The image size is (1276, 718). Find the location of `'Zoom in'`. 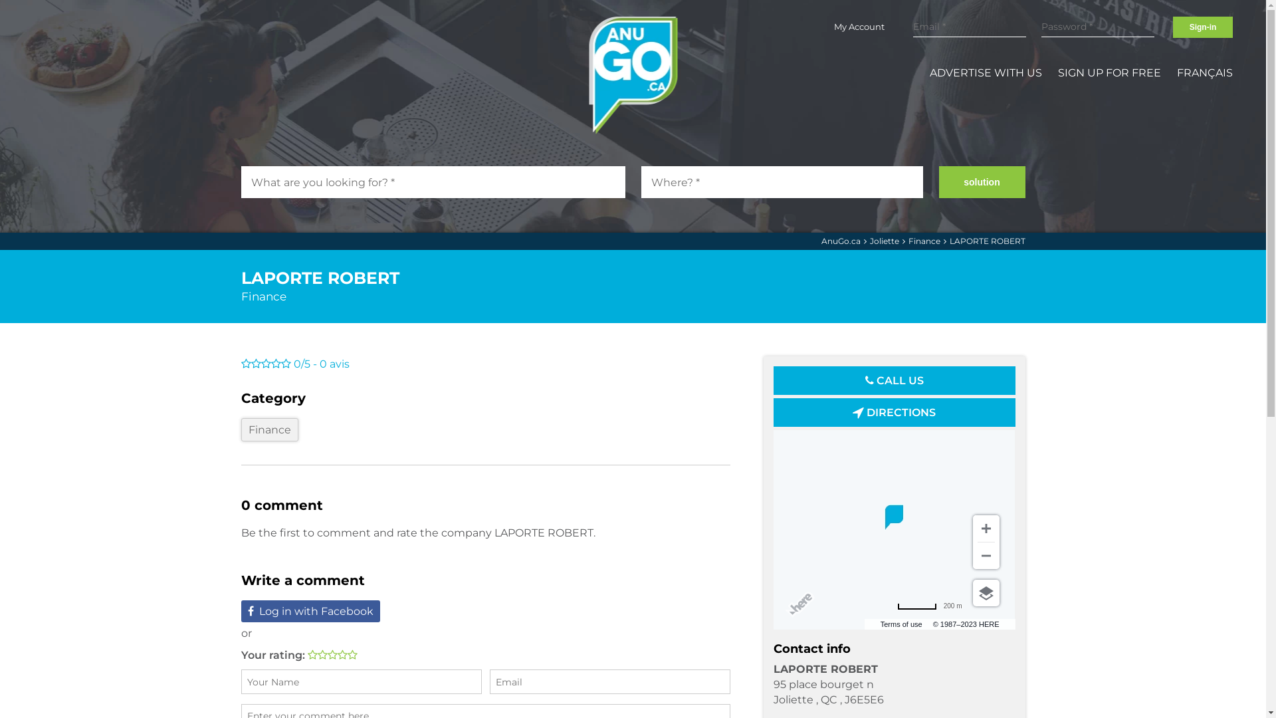

'Zoom in' is located at coordinates (986, 527).